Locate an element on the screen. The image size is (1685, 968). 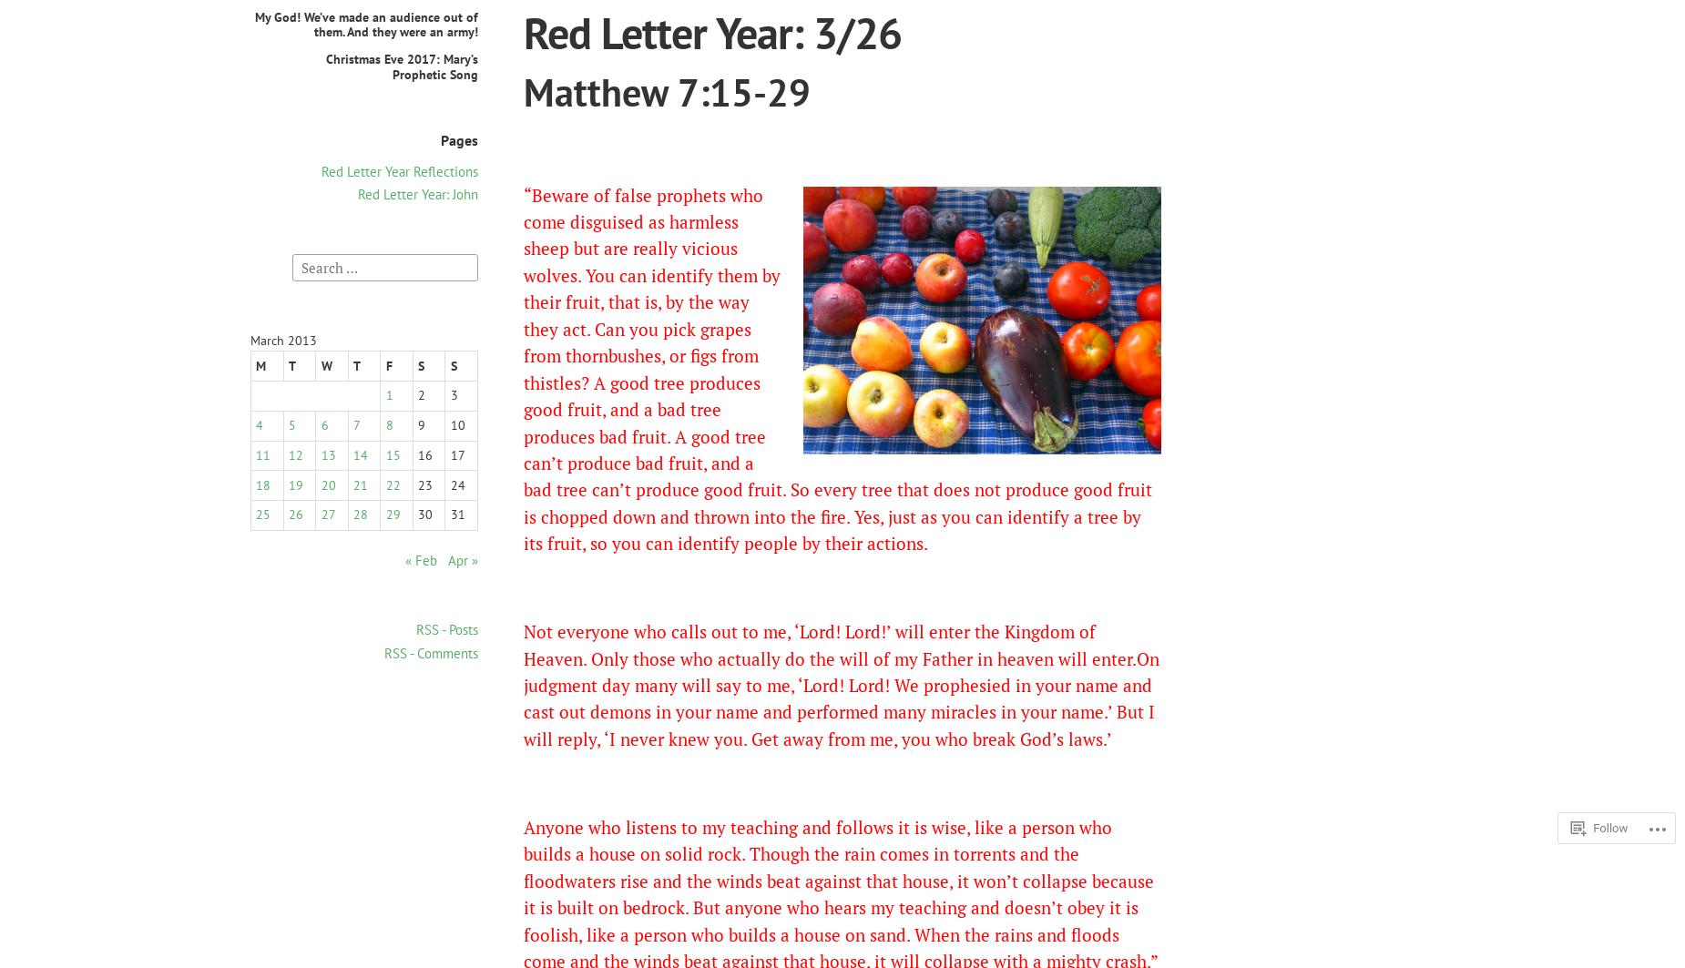
'22' is located at coordinates (383, 484).